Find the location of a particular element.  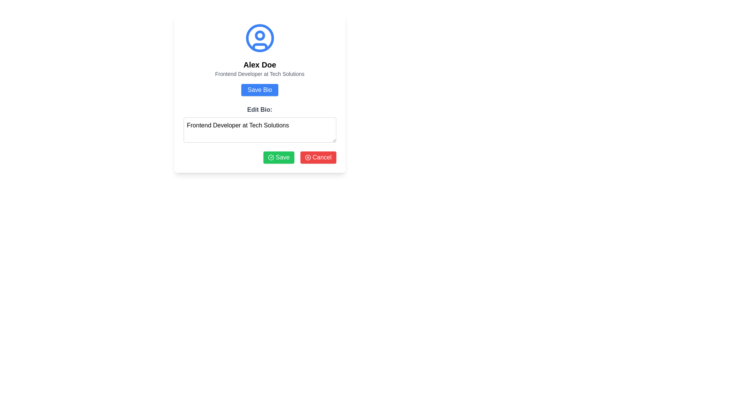

the icon detail located at the bottom of the circular user avatar on the profile card, which adds visual representation and functionality to the user icon is located at coordinates (260, 47).